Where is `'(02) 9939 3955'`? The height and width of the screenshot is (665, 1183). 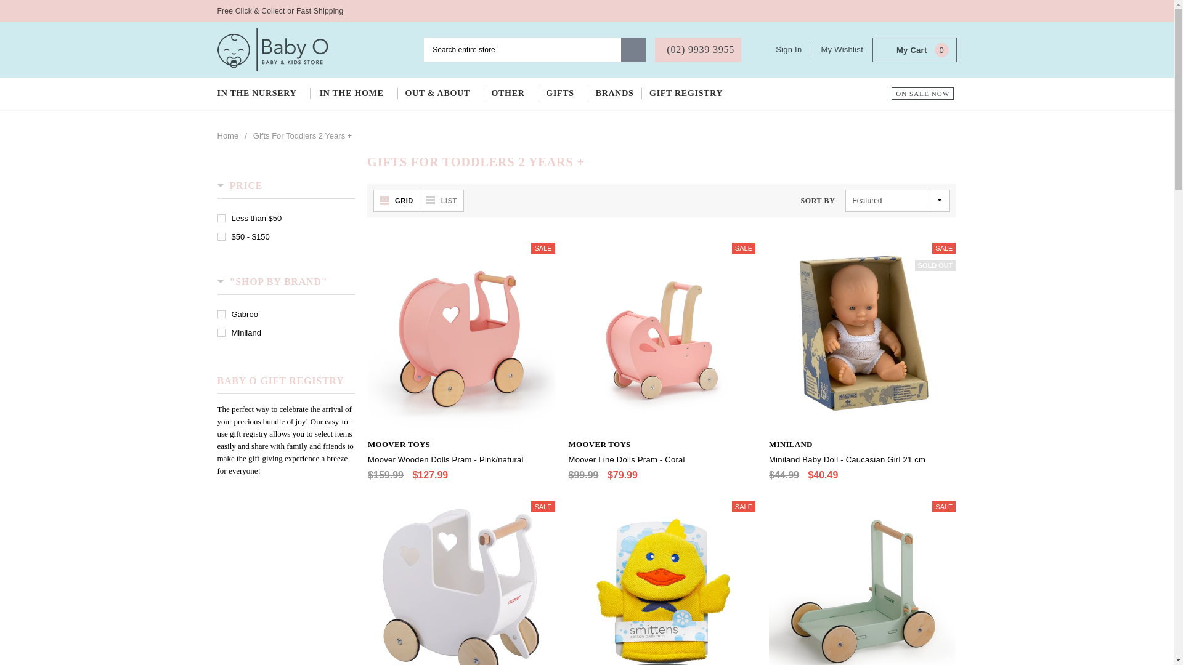 '(02) 9939 3955' is located at coordinates (697, 49).